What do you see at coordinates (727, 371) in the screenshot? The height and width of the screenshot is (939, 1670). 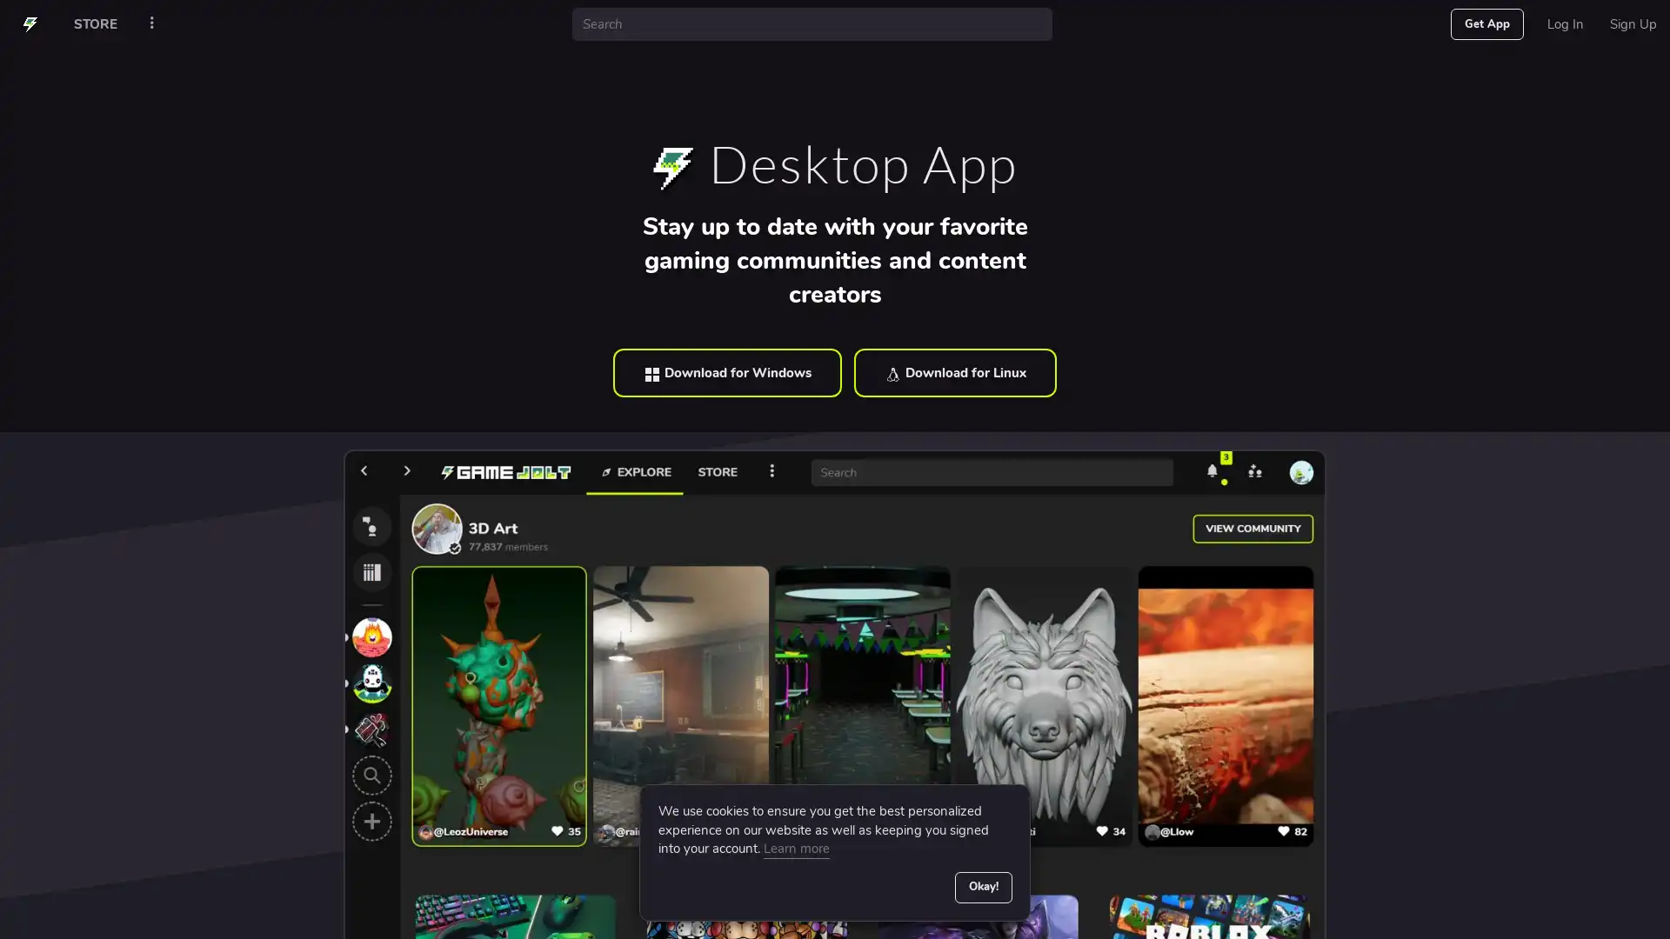 I see `Download for Windows` at bounding box center [727, 371].